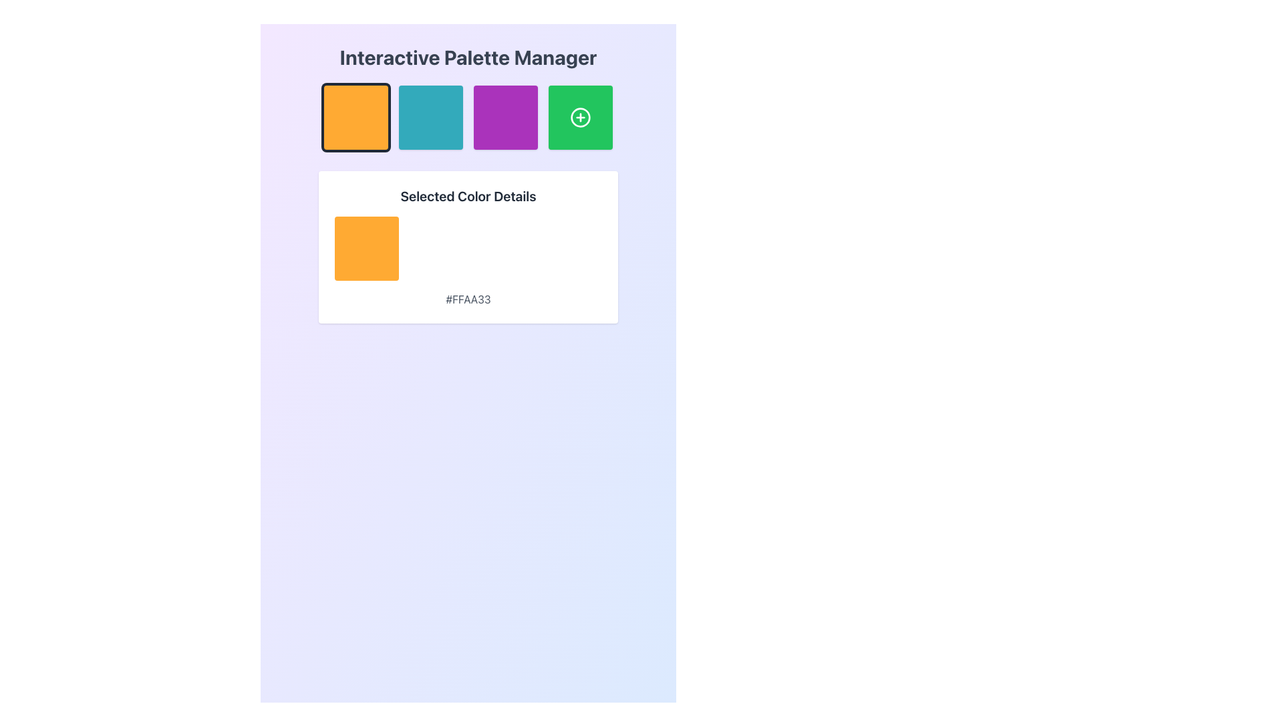  I want to click on the orange square with rounded borders located at the top-left corner of the grid layout, so click(355, 117).